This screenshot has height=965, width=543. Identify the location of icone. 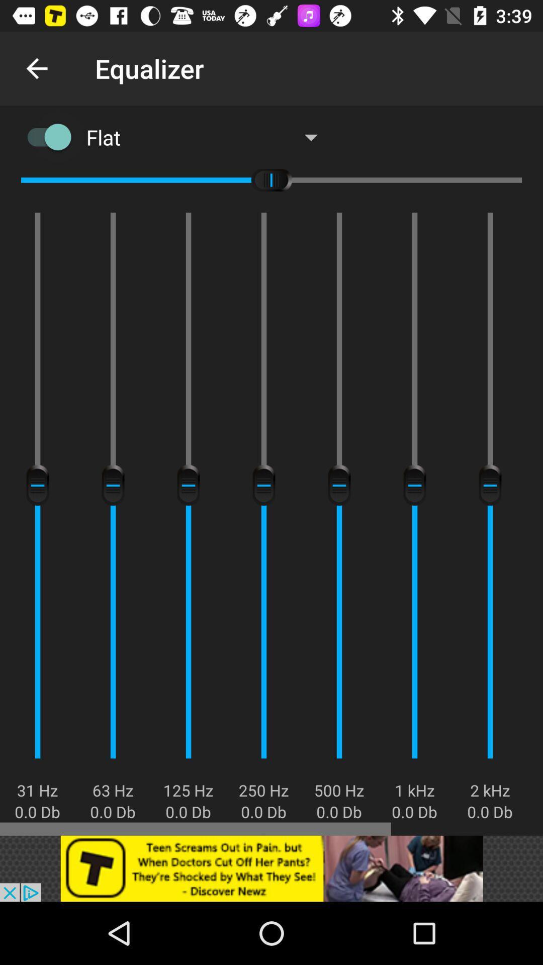
(271, 868).